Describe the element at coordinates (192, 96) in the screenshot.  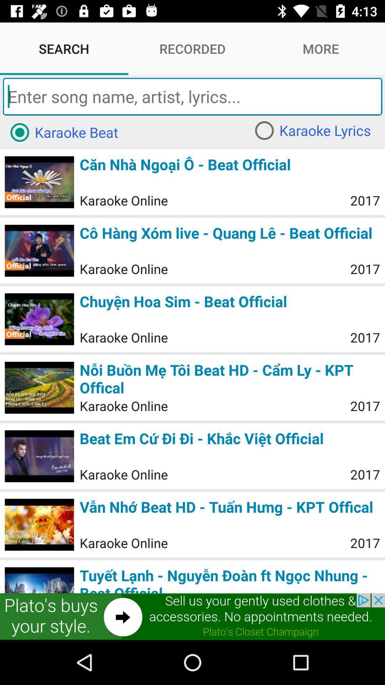
I see `search field` at that location.